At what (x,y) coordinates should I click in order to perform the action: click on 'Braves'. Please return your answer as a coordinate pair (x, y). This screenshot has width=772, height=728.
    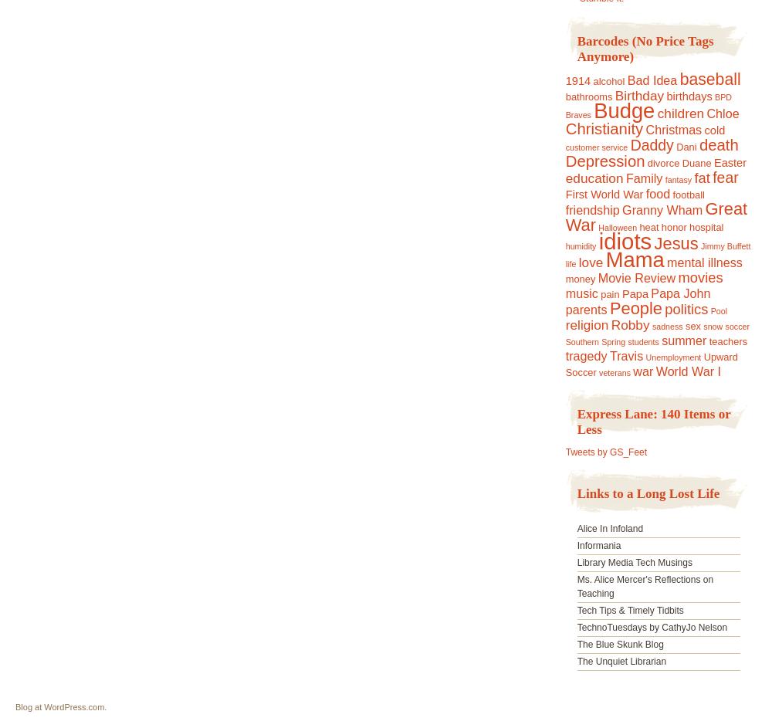
    Looking at the image, I should click on (577, 113).